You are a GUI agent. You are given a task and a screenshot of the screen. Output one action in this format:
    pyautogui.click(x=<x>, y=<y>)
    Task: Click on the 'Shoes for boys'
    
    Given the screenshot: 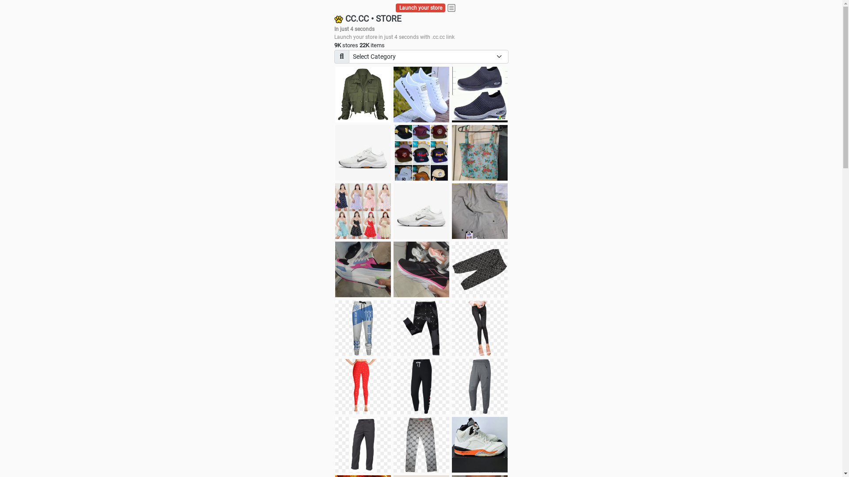 What is the action you would take?
    pyautogui.click(x=363, y=152)
    